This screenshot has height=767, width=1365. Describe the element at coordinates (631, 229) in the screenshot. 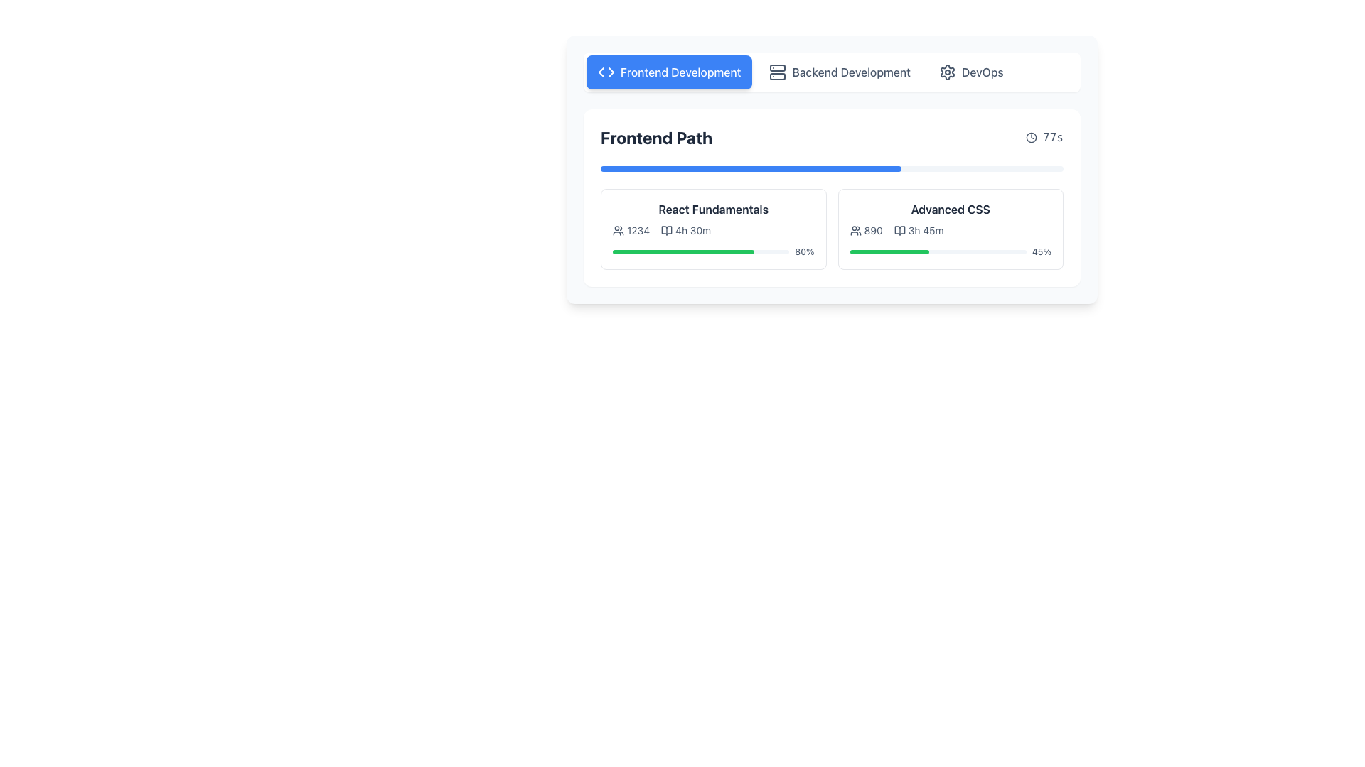

I see `the status indicator element displaying the text '1234' and the group of people icon` at that location.